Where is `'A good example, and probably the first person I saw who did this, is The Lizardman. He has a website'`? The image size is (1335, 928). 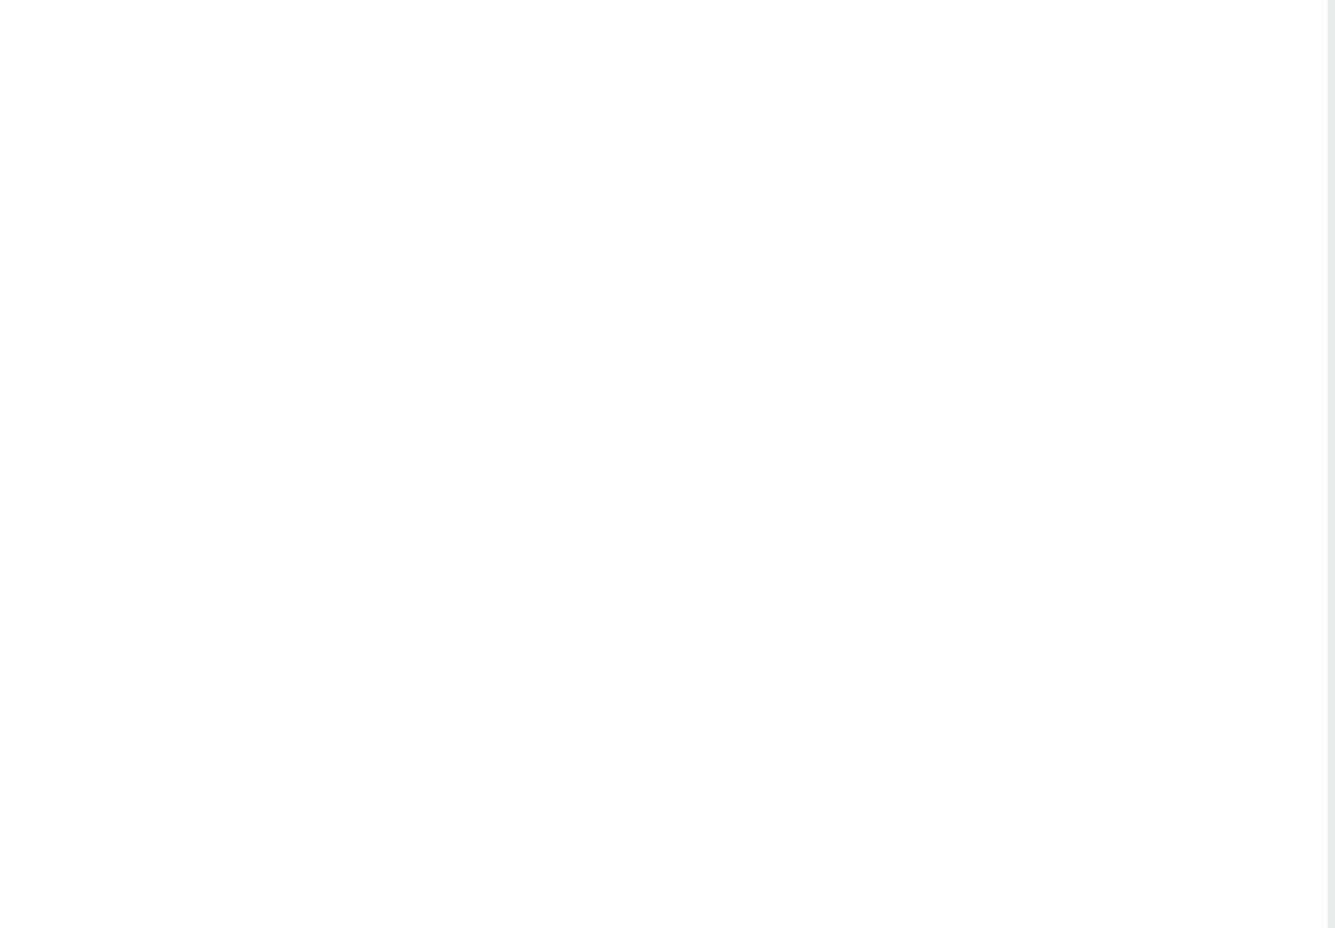
'A good example, and probably the first person I saw who did this, is The Lizardman. He has a website' is located at coordinates (36, 646).